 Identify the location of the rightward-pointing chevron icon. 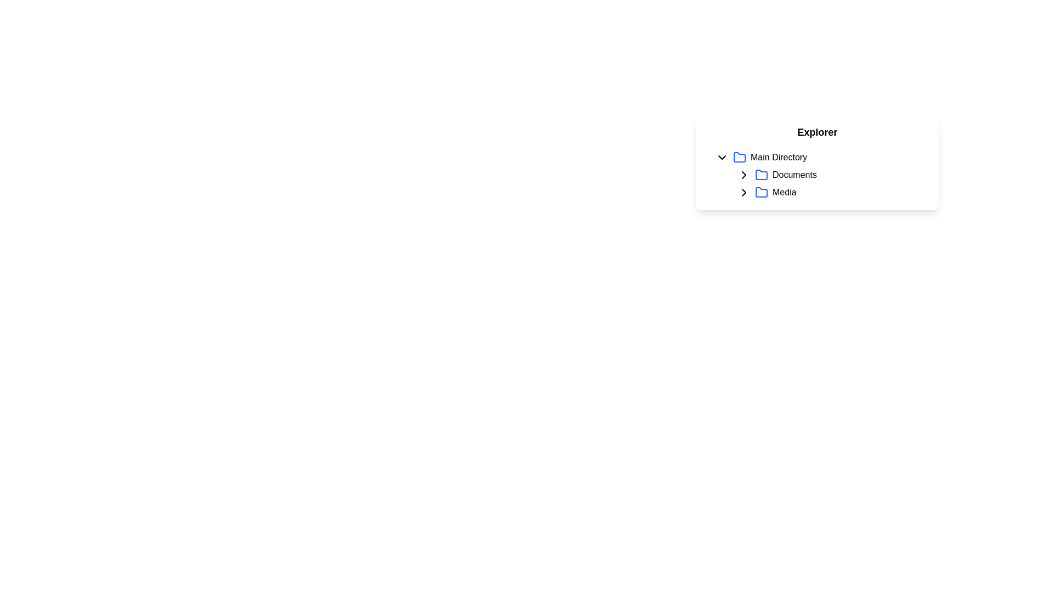
(744, 192).